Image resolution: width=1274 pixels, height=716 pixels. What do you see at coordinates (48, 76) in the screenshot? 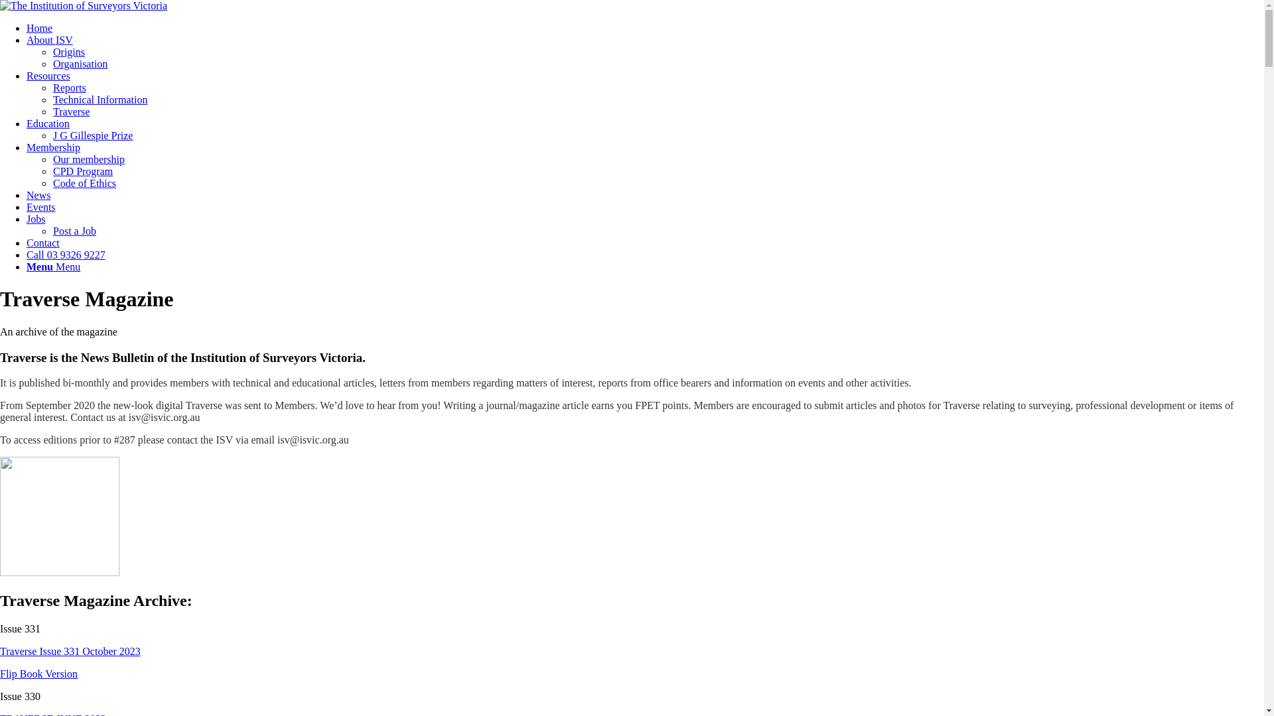
I see `'Resources'` at bounding box center [48, 76].